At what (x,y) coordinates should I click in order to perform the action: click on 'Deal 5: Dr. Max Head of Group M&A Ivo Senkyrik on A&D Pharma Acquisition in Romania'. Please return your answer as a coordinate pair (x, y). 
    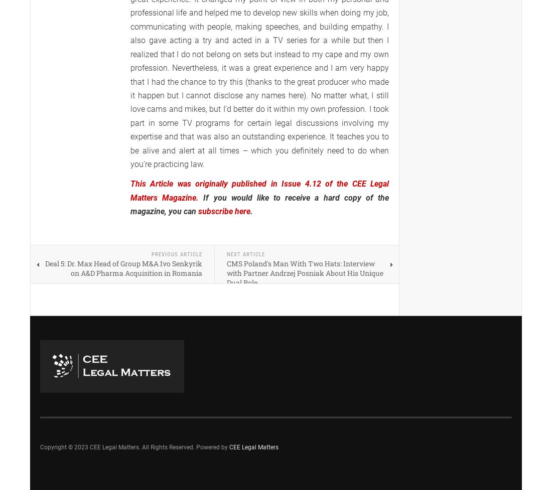
    Looking at the image, I should click on (123, 267).